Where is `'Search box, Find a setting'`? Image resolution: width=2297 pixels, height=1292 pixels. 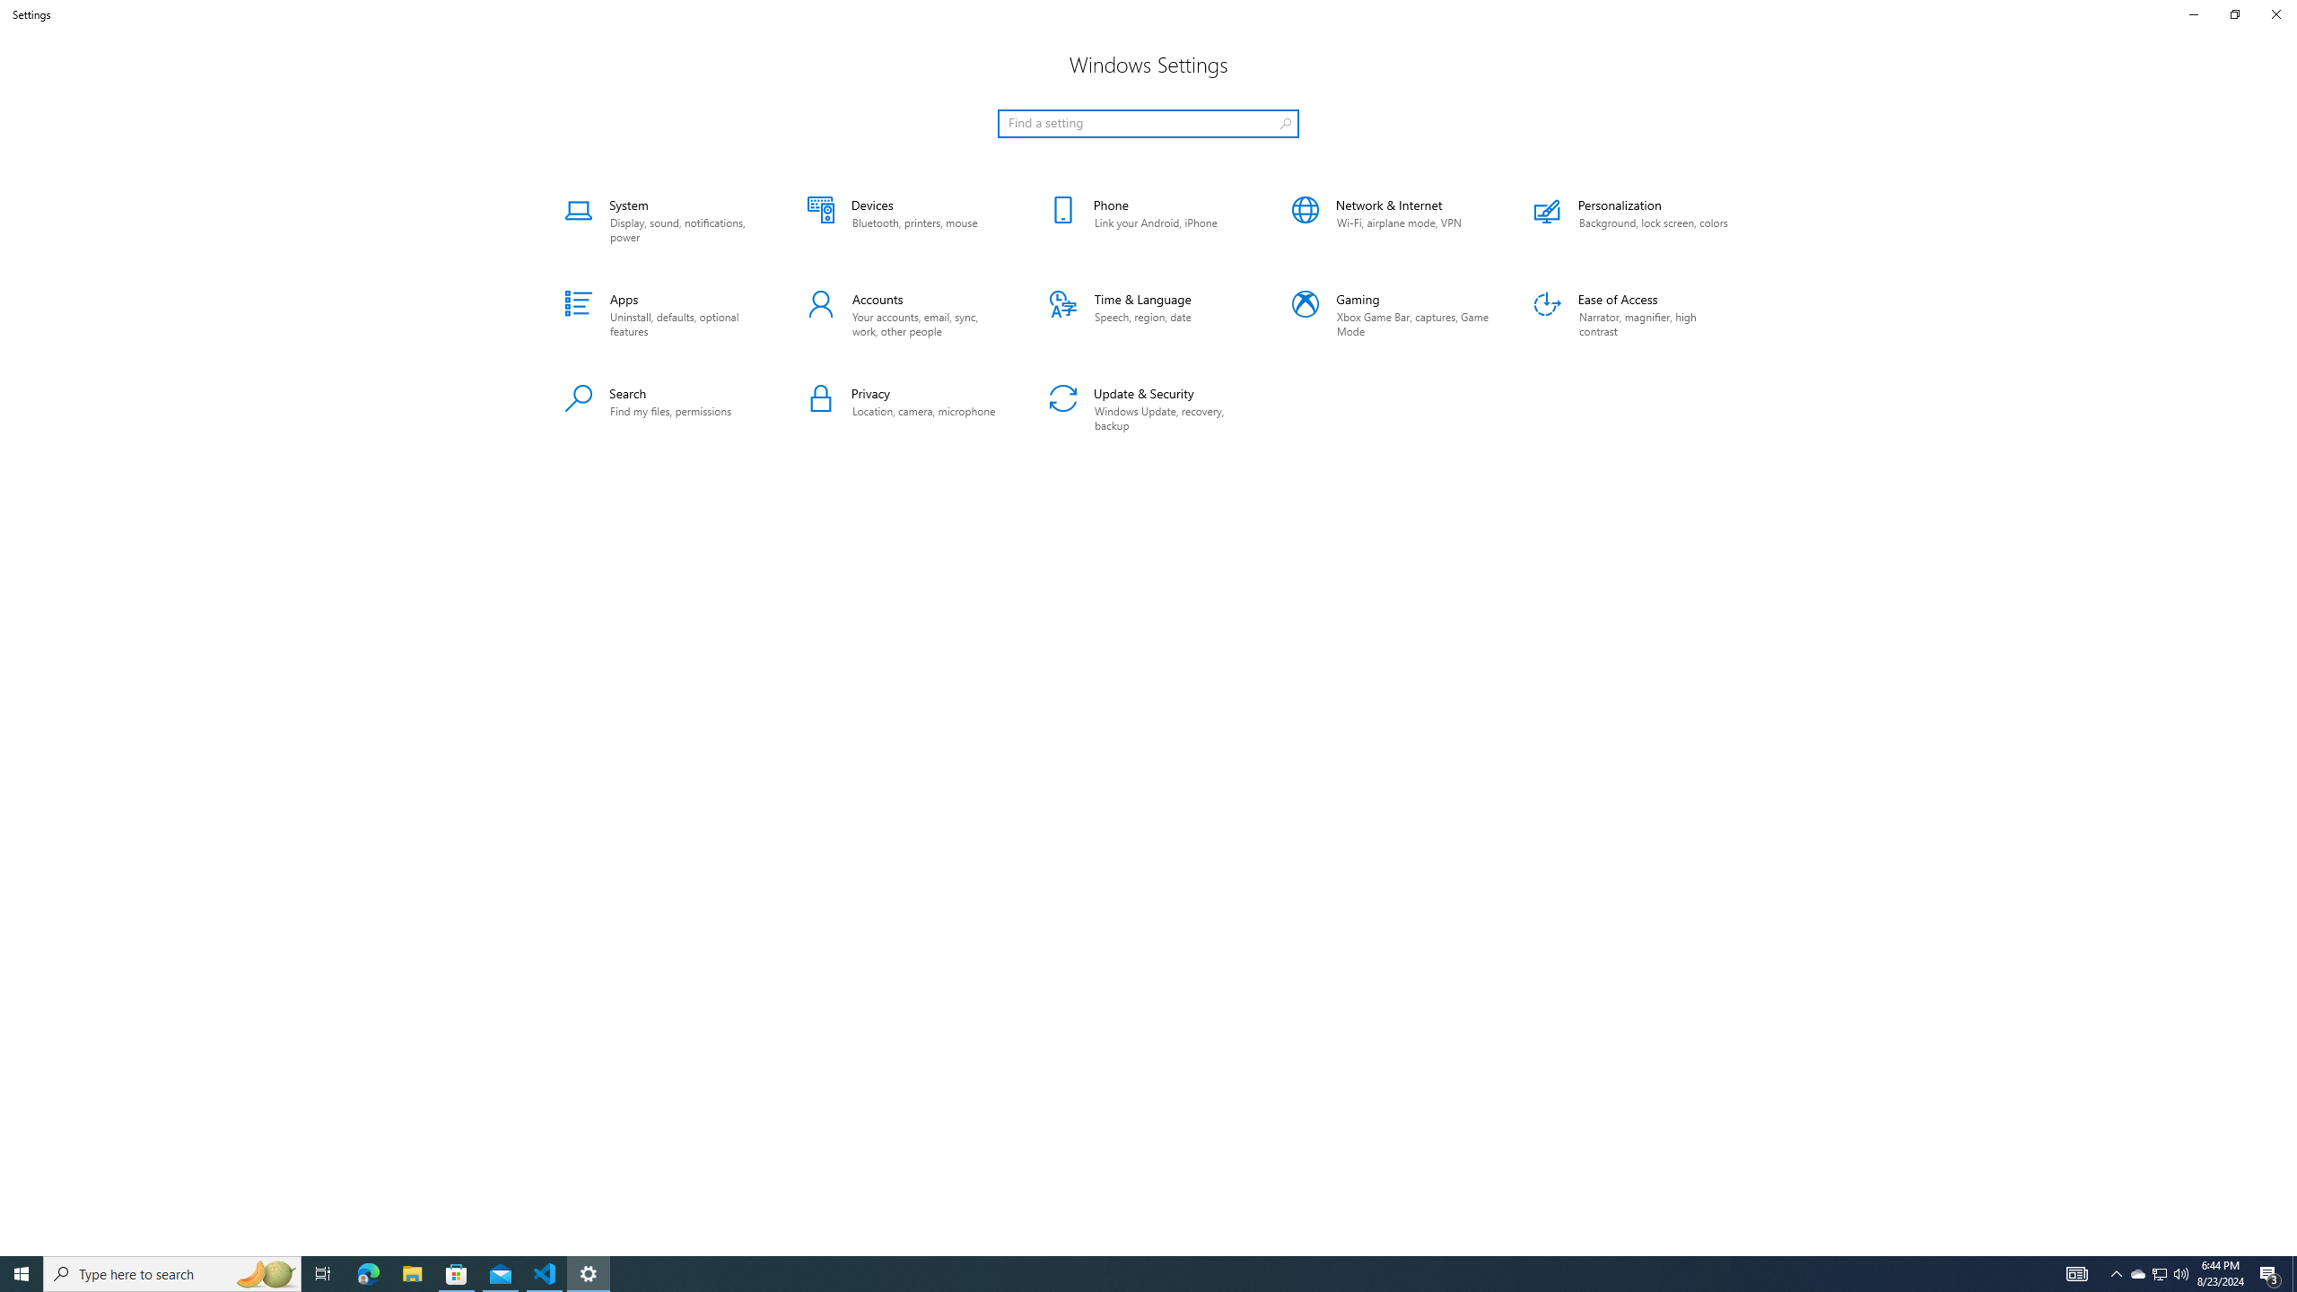
'Search box, Find a setting' is located at coordinates (1148, 123).